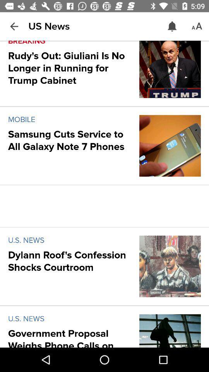 Image resolution: width=209 pixels, height=372 pixels. I want to click on the us news item, so click(49, 26).